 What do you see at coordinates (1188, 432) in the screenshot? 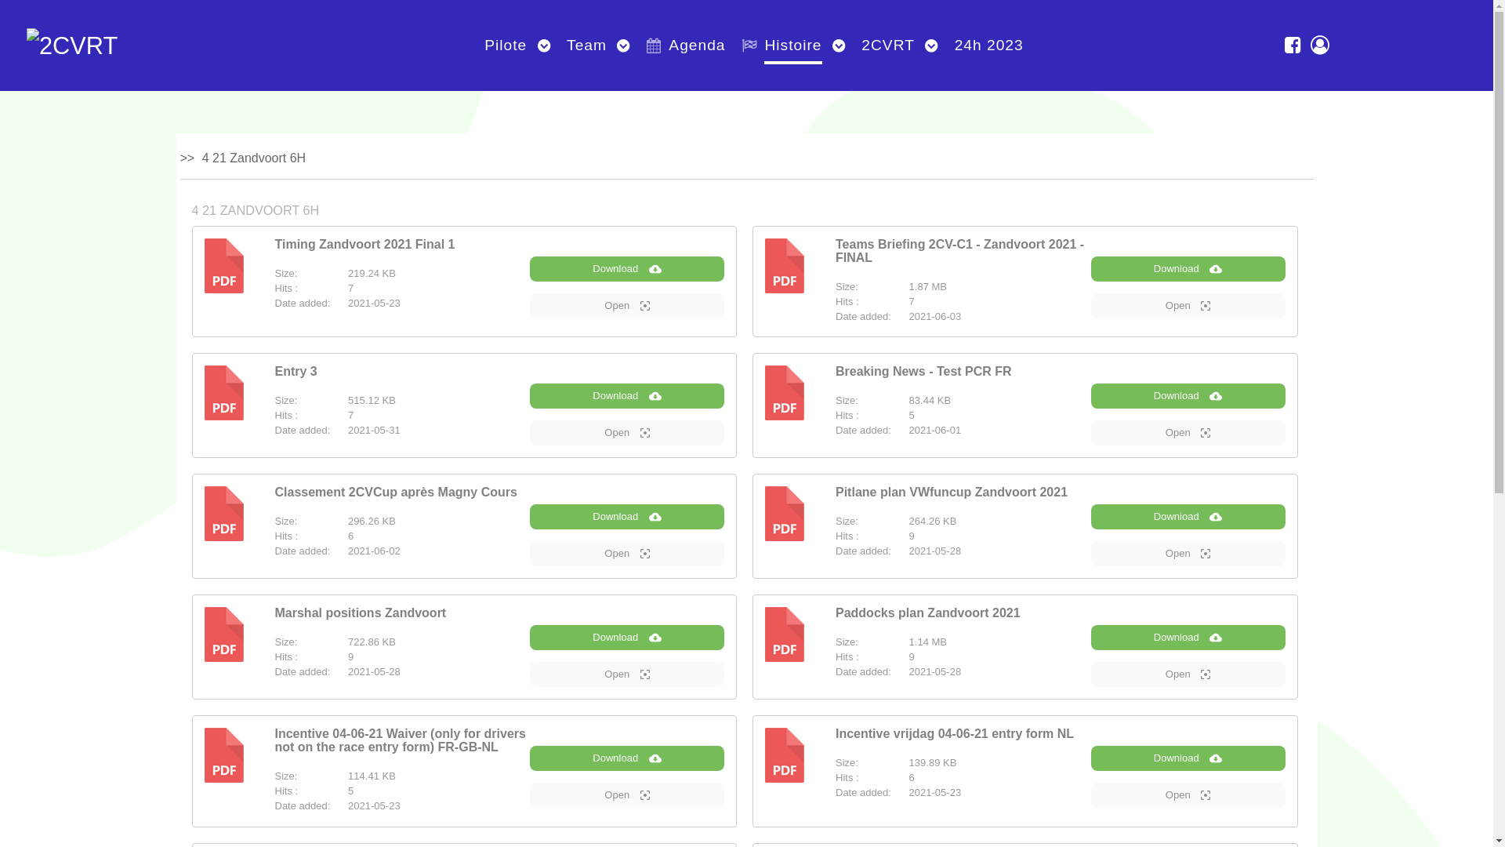
I see `'Open'` at bounding box center [1188, 432].